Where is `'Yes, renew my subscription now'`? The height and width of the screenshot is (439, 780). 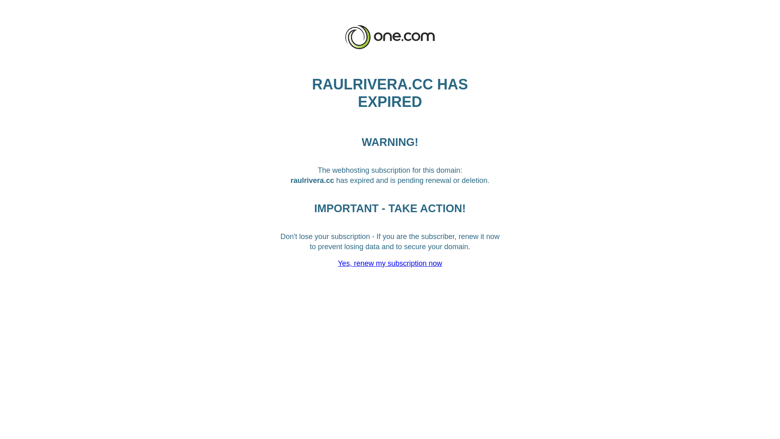
'Yes, renew my subscription now' is located at coordinates (390, 263).